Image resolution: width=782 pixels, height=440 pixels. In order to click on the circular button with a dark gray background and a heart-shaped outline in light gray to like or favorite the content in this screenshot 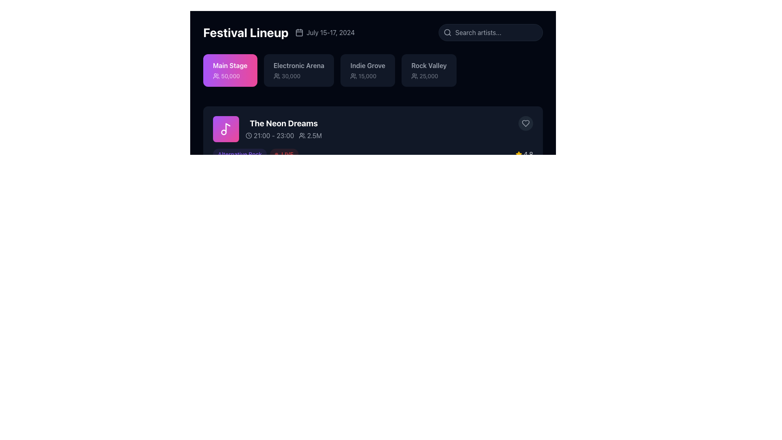, I will do `click(526, 123)`.